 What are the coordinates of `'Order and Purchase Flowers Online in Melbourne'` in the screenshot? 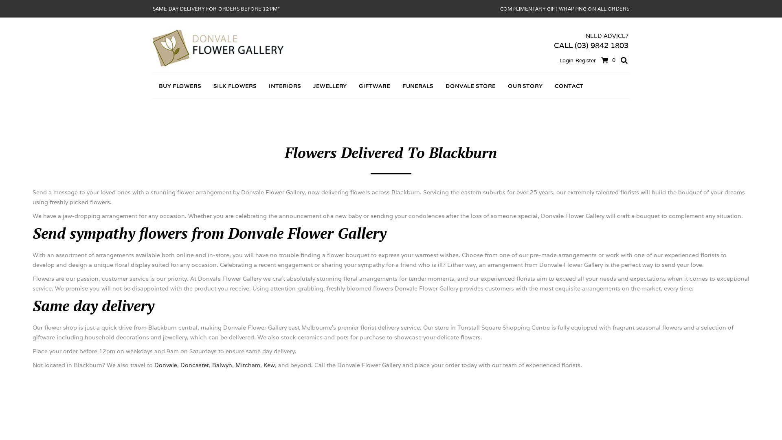 It's located at (218, 48).